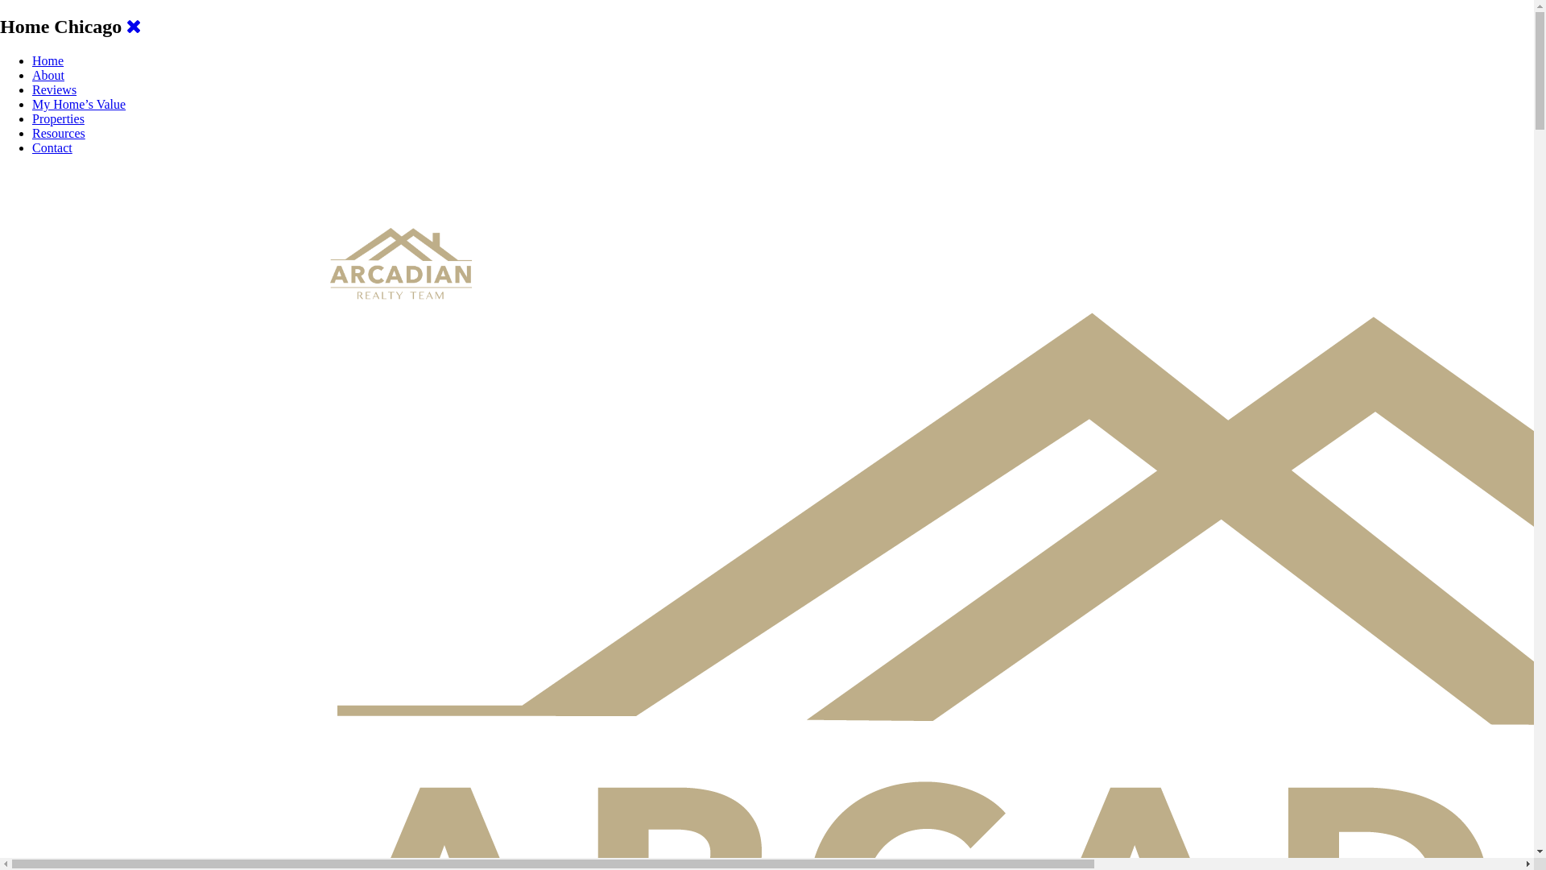 Image resolution: width=1546 pixels, height=870 pixels. What do you see at coordinates (54, 89) in the screenshot?
I see `'Reviews'` at bounding box center [54, 89].